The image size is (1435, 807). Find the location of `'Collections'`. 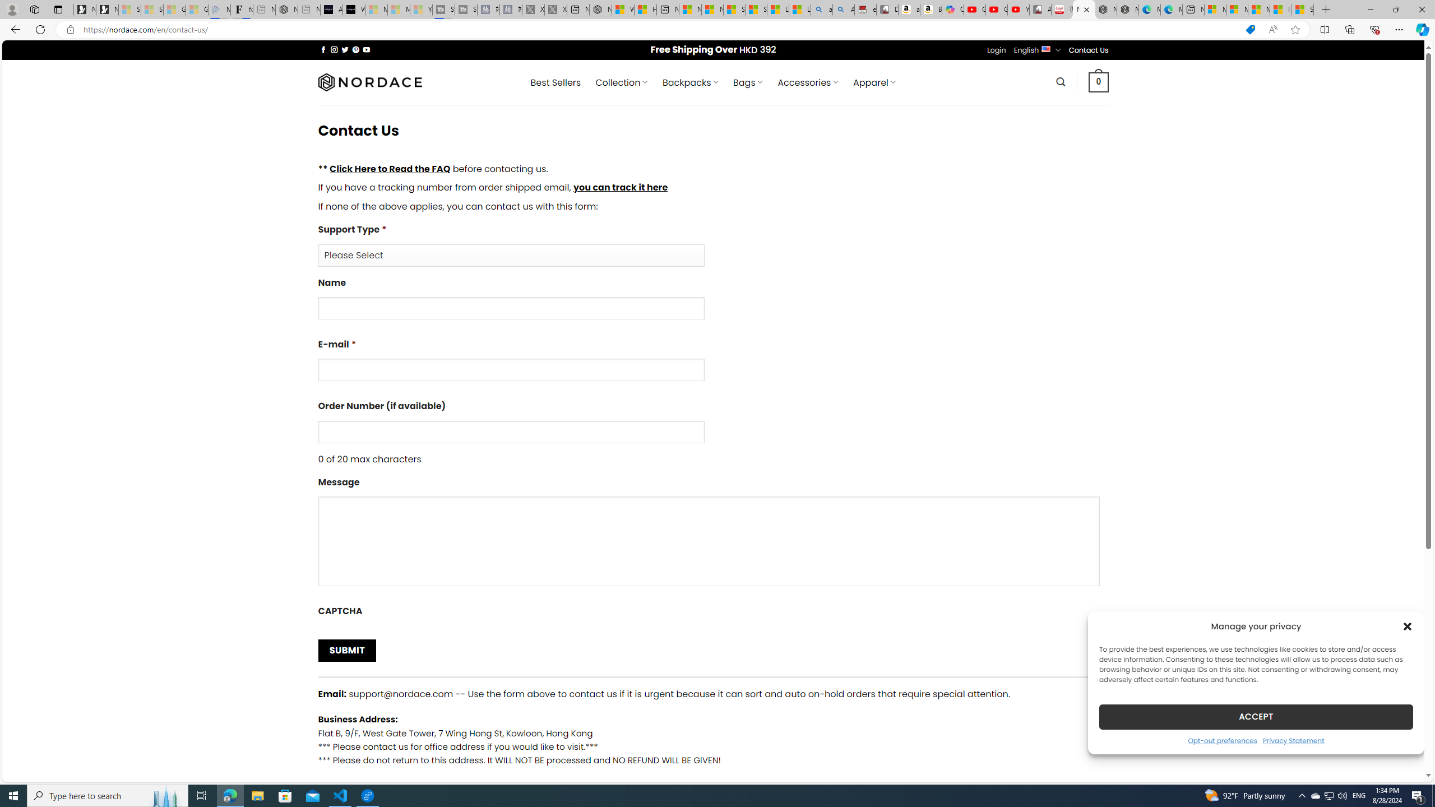

'Collections' is located at coordinates (1349, 29).